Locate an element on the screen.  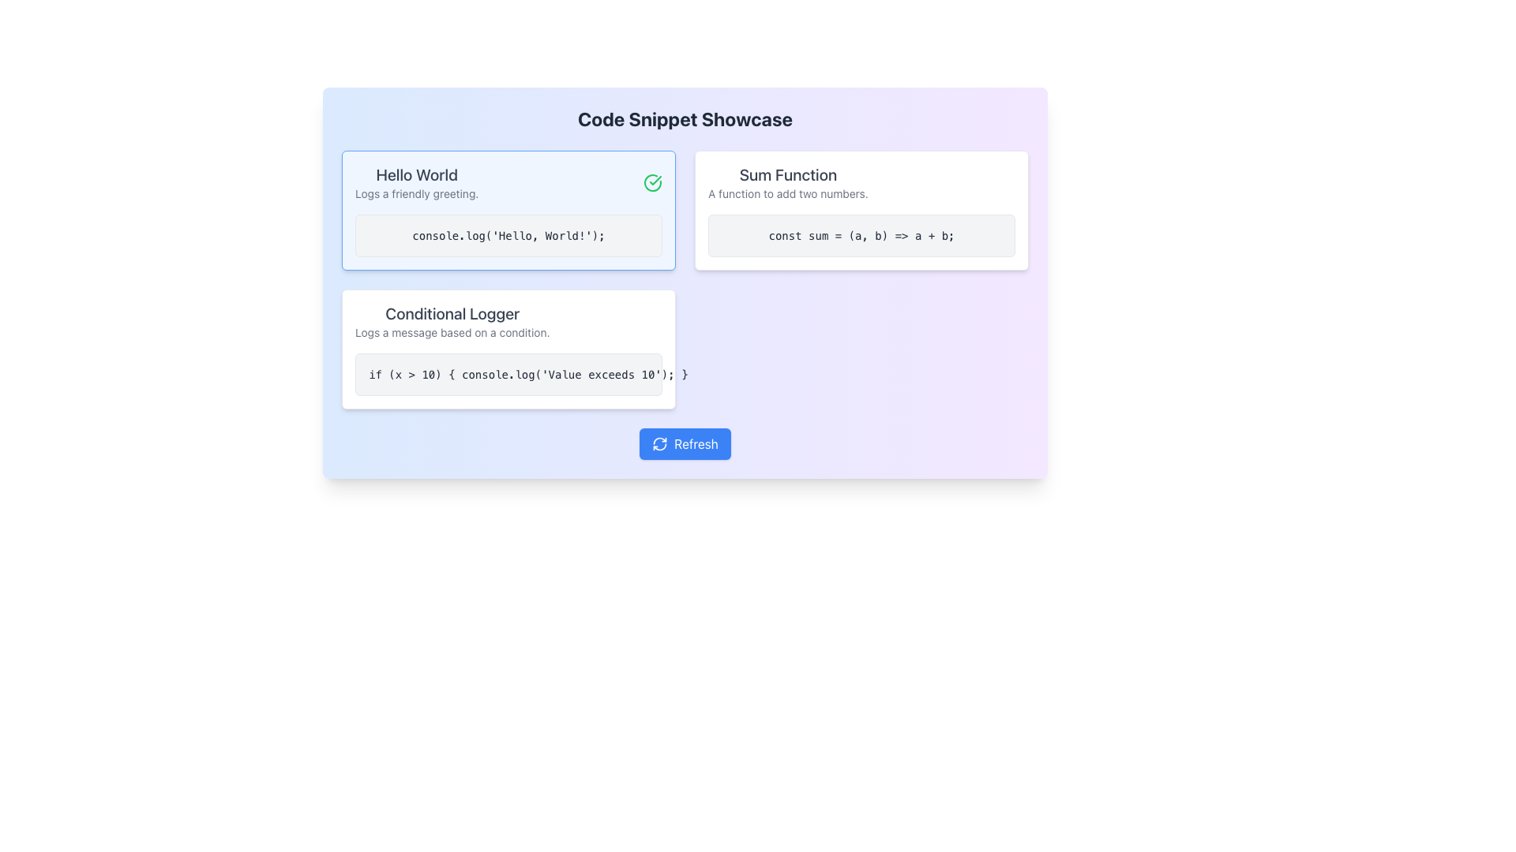
the textual descriptor element that serves as a labeled descriptor for the adjacent code snippet, located in the top-right quadrant of the interface layout is located at coordinates (788, 181).